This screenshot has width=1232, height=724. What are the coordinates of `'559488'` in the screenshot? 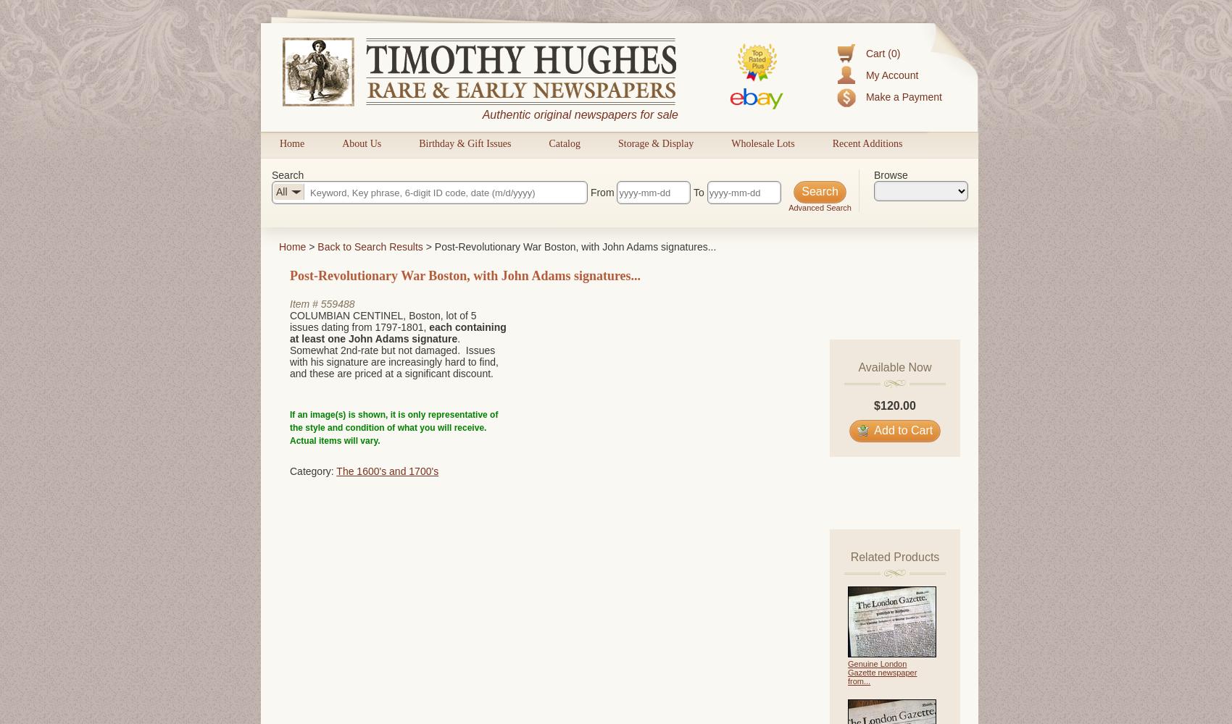 It's located at (337, 304).